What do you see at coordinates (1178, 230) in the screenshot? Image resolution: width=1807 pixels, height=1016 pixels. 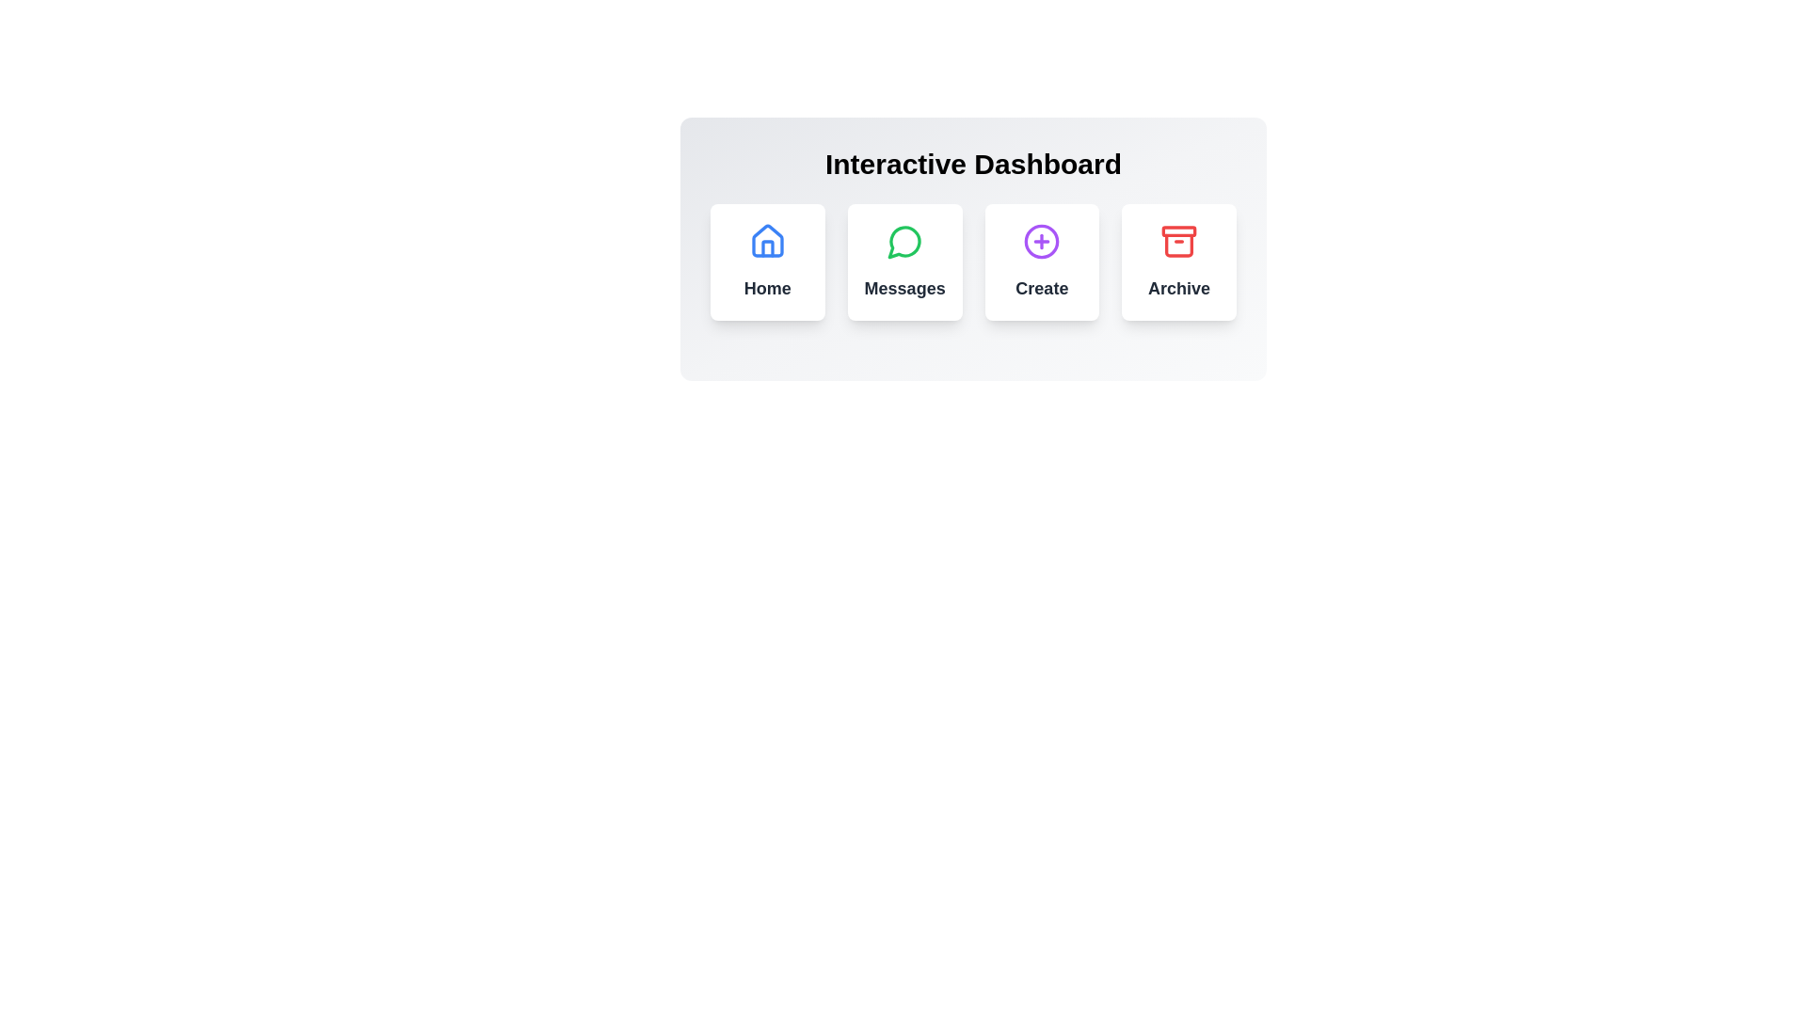 I see `the uppermost rectangle styled as a bar within the SVG graphic of the archive box, located in the fourth card labeled 'Archive' in the Interactive Dashboard` at bounding box center [1178, 230].